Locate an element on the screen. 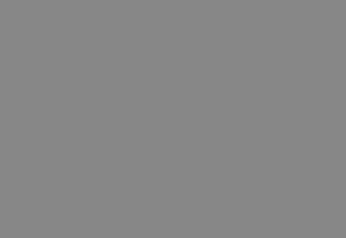  'Precision shunts for current measurements' is located at coordinates (168, 94).